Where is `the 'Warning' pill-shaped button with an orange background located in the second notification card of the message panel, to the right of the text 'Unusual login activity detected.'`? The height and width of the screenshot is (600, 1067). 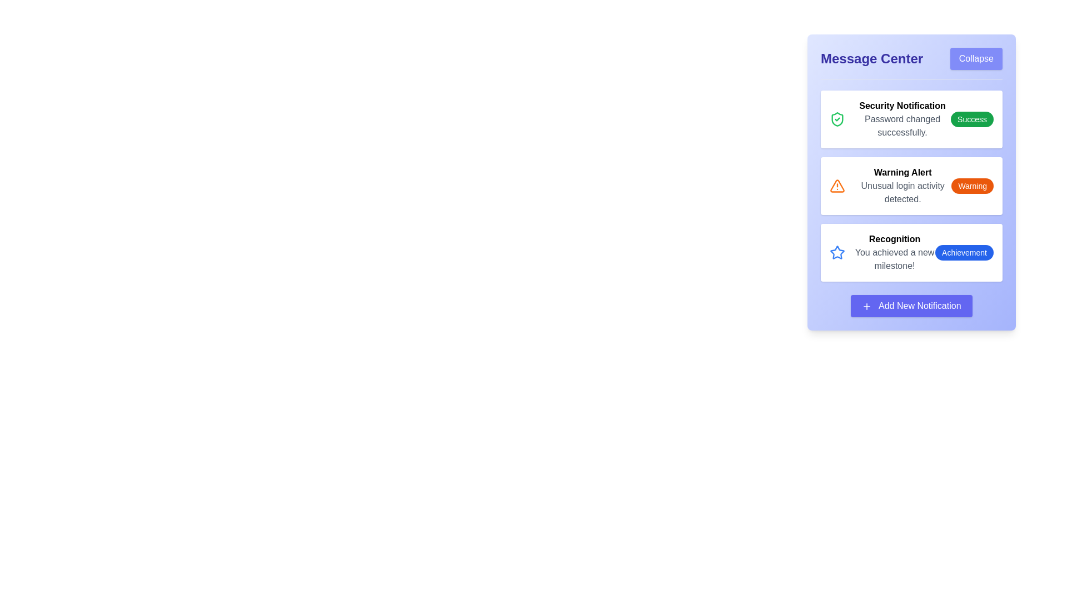 the 'Warning' pill-shaped button with an orange background located in the second notification card of the message panel, to the right of the text 'Unusual login activity detected.' is located at coordinates (972, 186).